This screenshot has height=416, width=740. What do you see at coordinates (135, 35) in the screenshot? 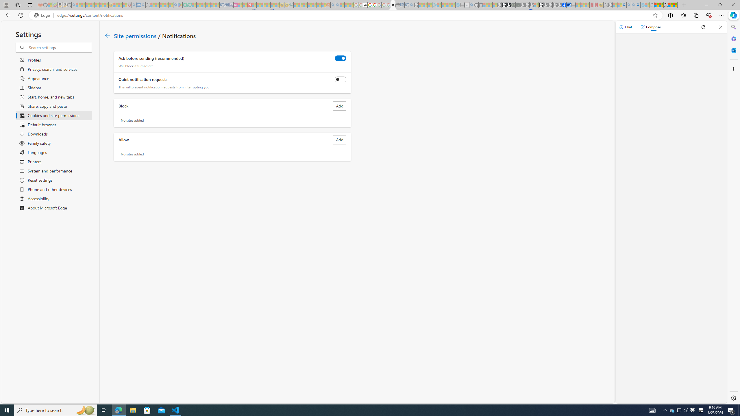
I see `'Site permissions'` at bounding box center [135, 35].